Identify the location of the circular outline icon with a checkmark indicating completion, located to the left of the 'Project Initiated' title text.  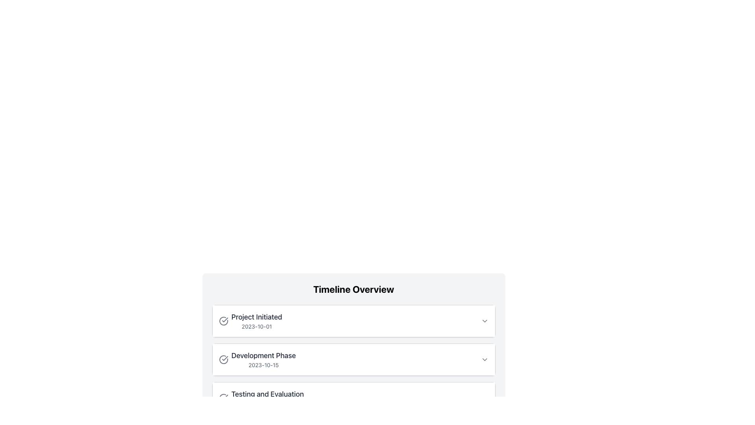
(223, 321).